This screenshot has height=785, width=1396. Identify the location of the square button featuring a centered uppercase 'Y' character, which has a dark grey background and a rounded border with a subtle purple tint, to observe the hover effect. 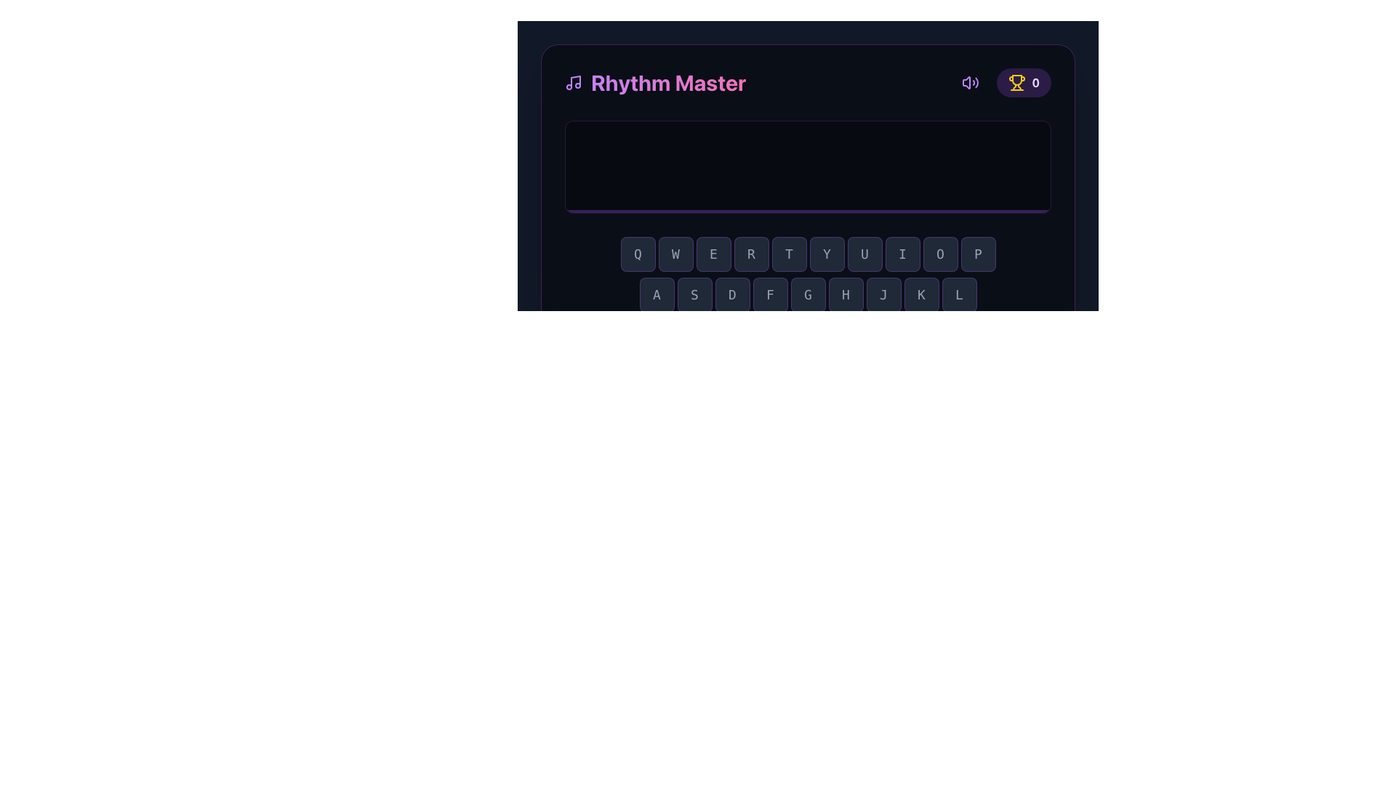
(827, 254).